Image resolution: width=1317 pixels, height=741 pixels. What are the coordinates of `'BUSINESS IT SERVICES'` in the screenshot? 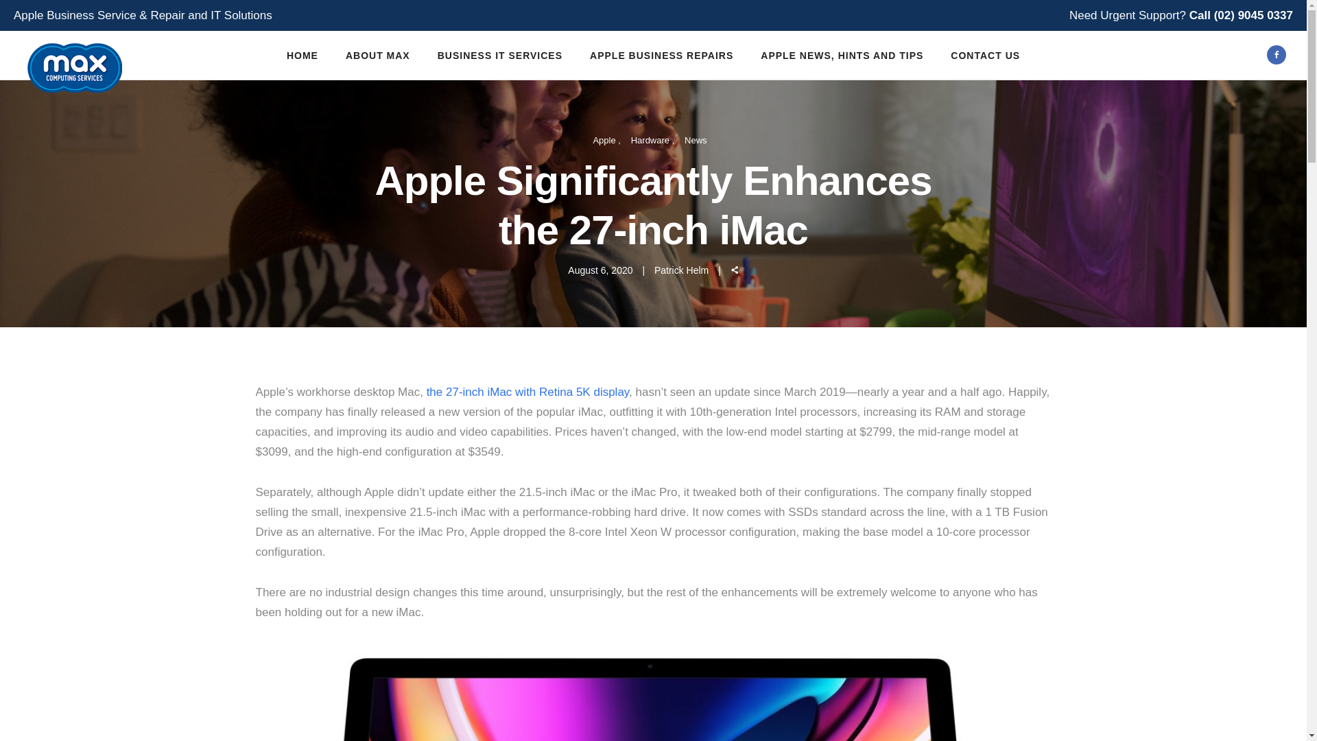 It's located at (499, 55).